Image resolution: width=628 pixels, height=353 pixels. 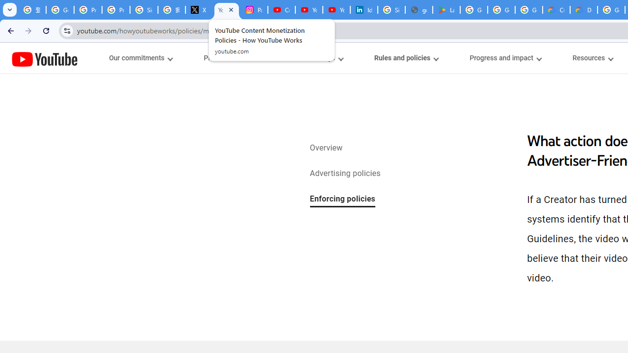 What do you see at coordinates (140, 58) in the screenshot?
I see `'Our commitments menupopup'` at bounding box center [140, 58].